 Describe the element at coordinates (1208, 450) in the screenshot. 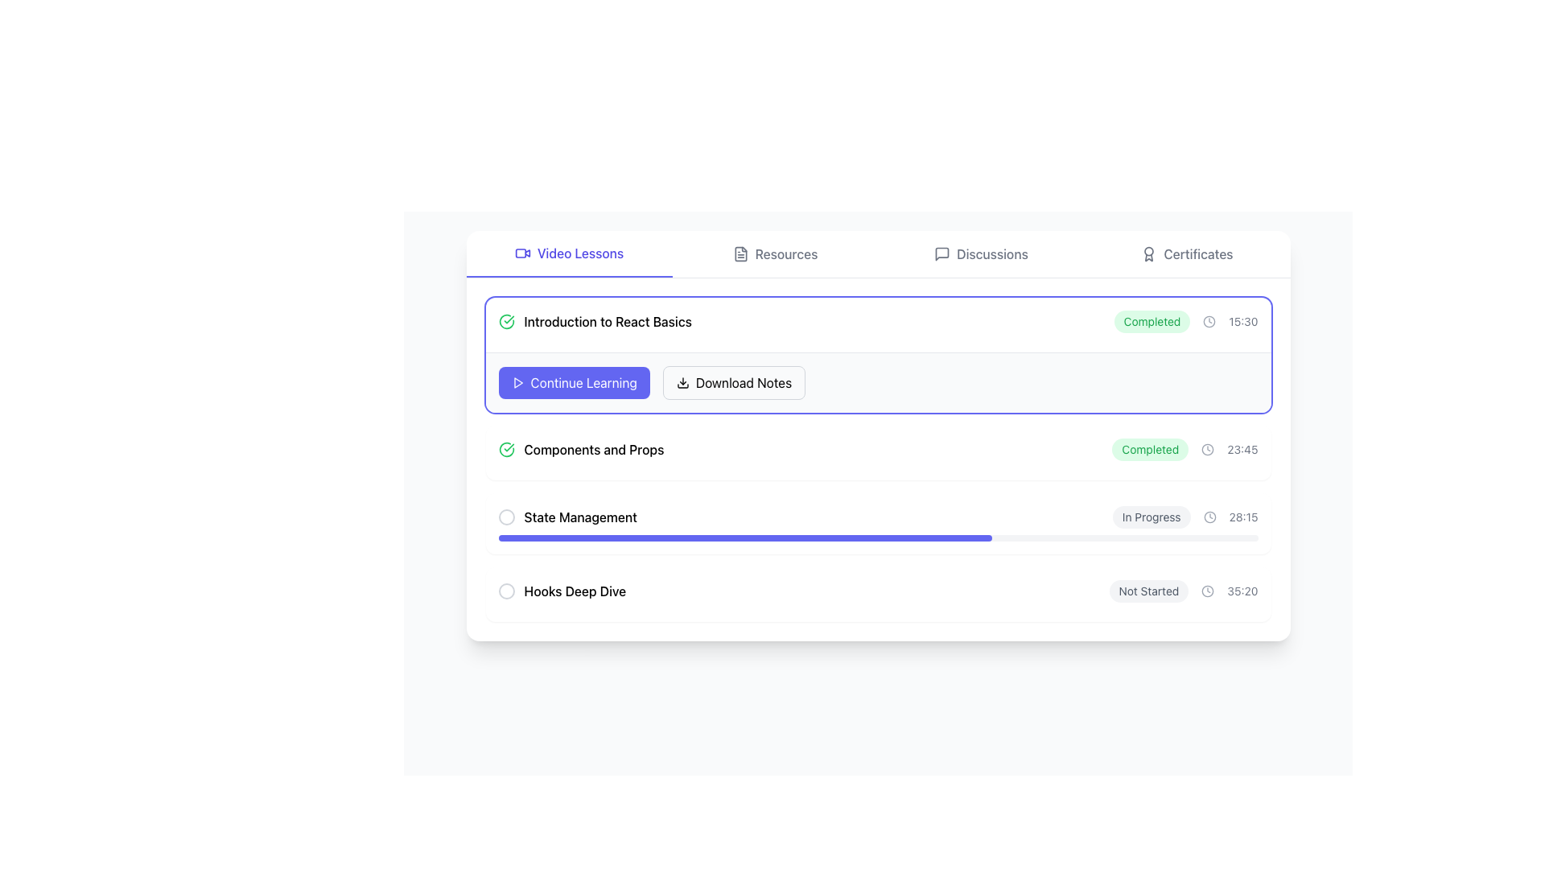

I see `the SVG Circle that represents the outer boundary of the clock in the 'Components and Props' section, indicating the 'Completed' status of an item` at that location.